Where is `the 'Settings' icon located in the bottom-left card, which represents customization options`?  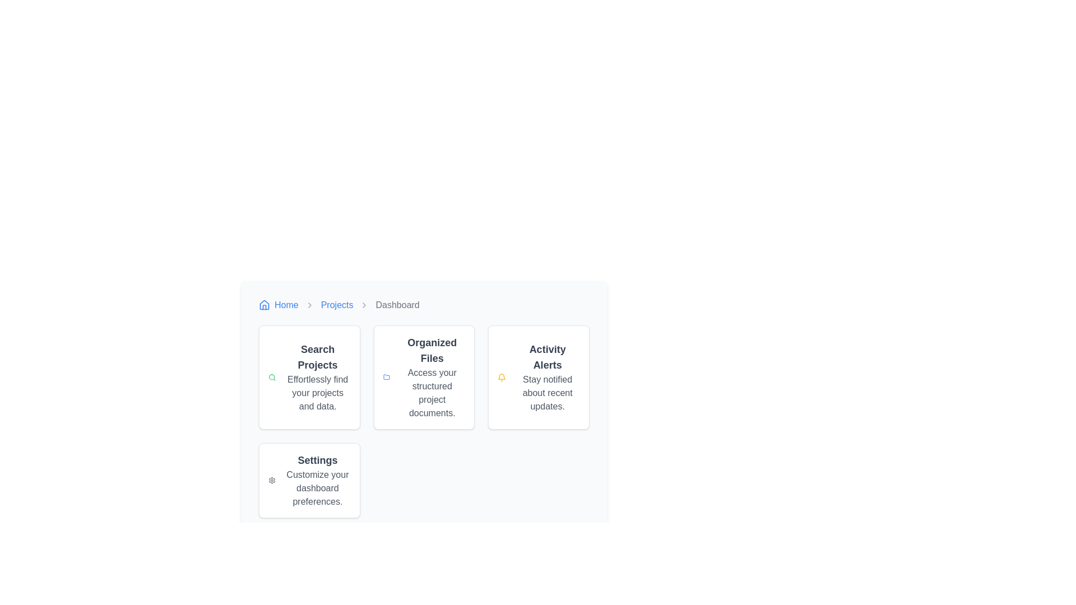
the 'Settings' icon located in the bottom-left card, which represents customization options is located at coordinates (272, 480).